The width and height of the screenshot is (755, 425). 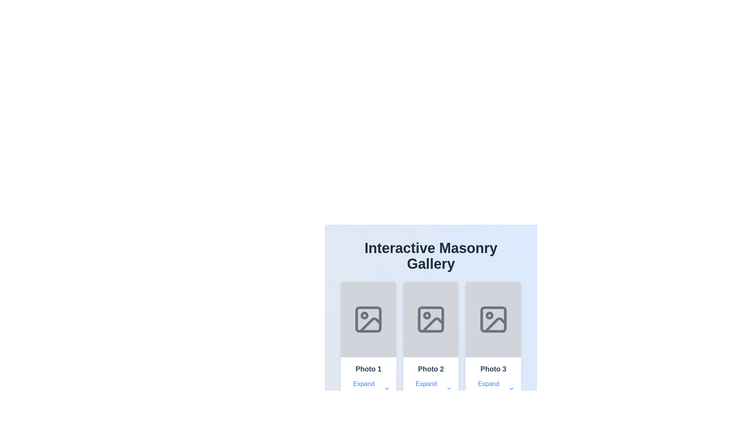 What do you see at coordinates (432, 325) in the screenshot?
I see `the small geometric shape resembling a line or curve within the second image placeholder icon labeled 'Photo 2' in the horizontal gallery` at bounding box center [432, 325].